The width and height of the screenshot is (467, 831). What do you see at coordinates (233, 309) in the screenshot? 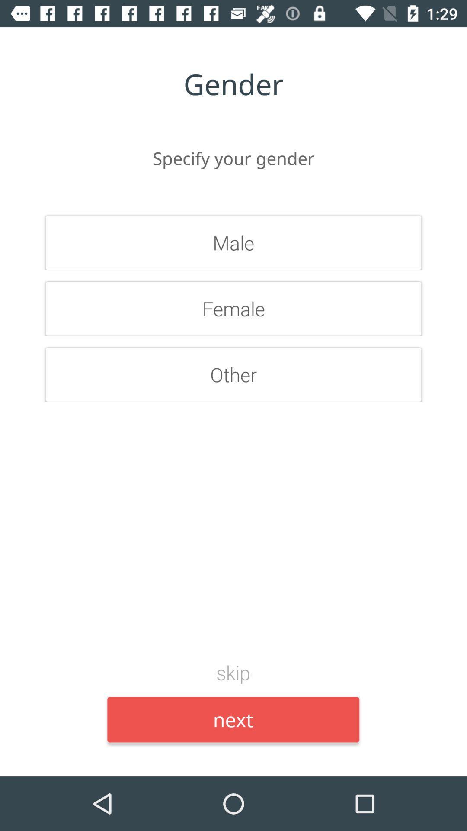
I see `the item above other icon` at bounding box center [233, 309].